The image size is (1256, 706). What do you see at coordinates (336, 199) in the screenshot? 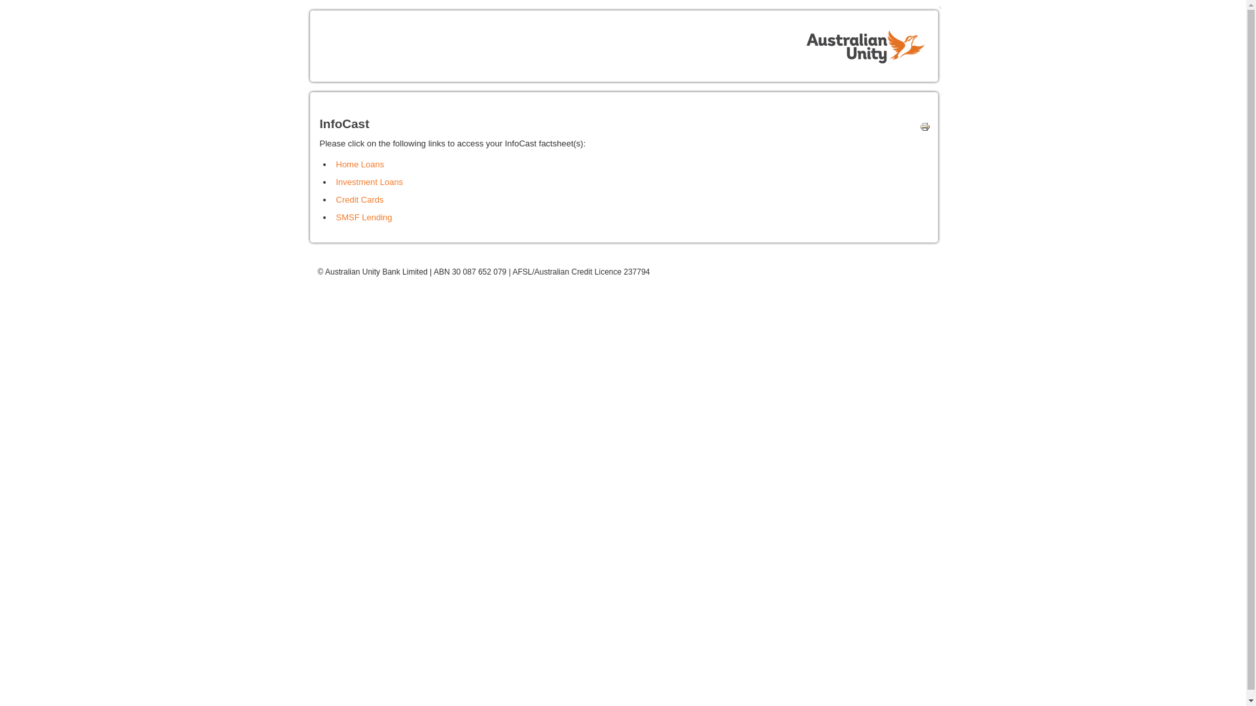
I see `'Credit Cards'` at bounding box center [336, 199].